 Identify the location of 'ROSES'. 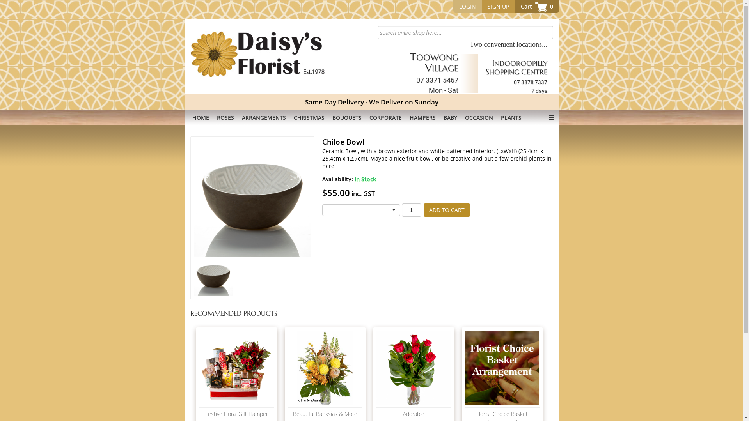
(213, 117).